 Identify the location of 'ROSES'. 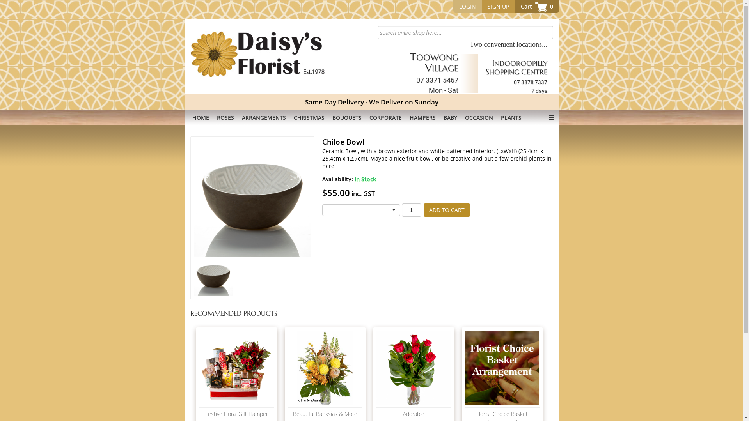
(213, 117).